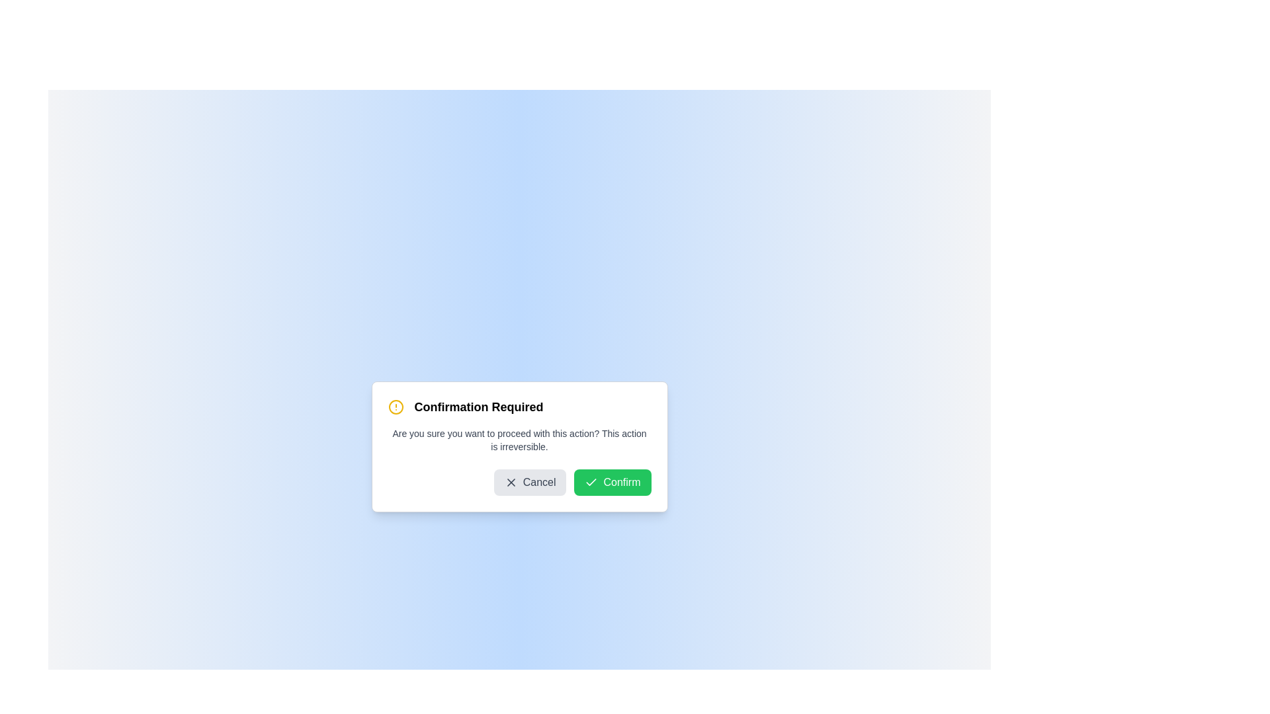  Describe the element at coordinates (395, 407) in the screenshot. I see `the visual indicator icon located to the left of the heading text 'Confirmation Required' within the dialog box` at that location.